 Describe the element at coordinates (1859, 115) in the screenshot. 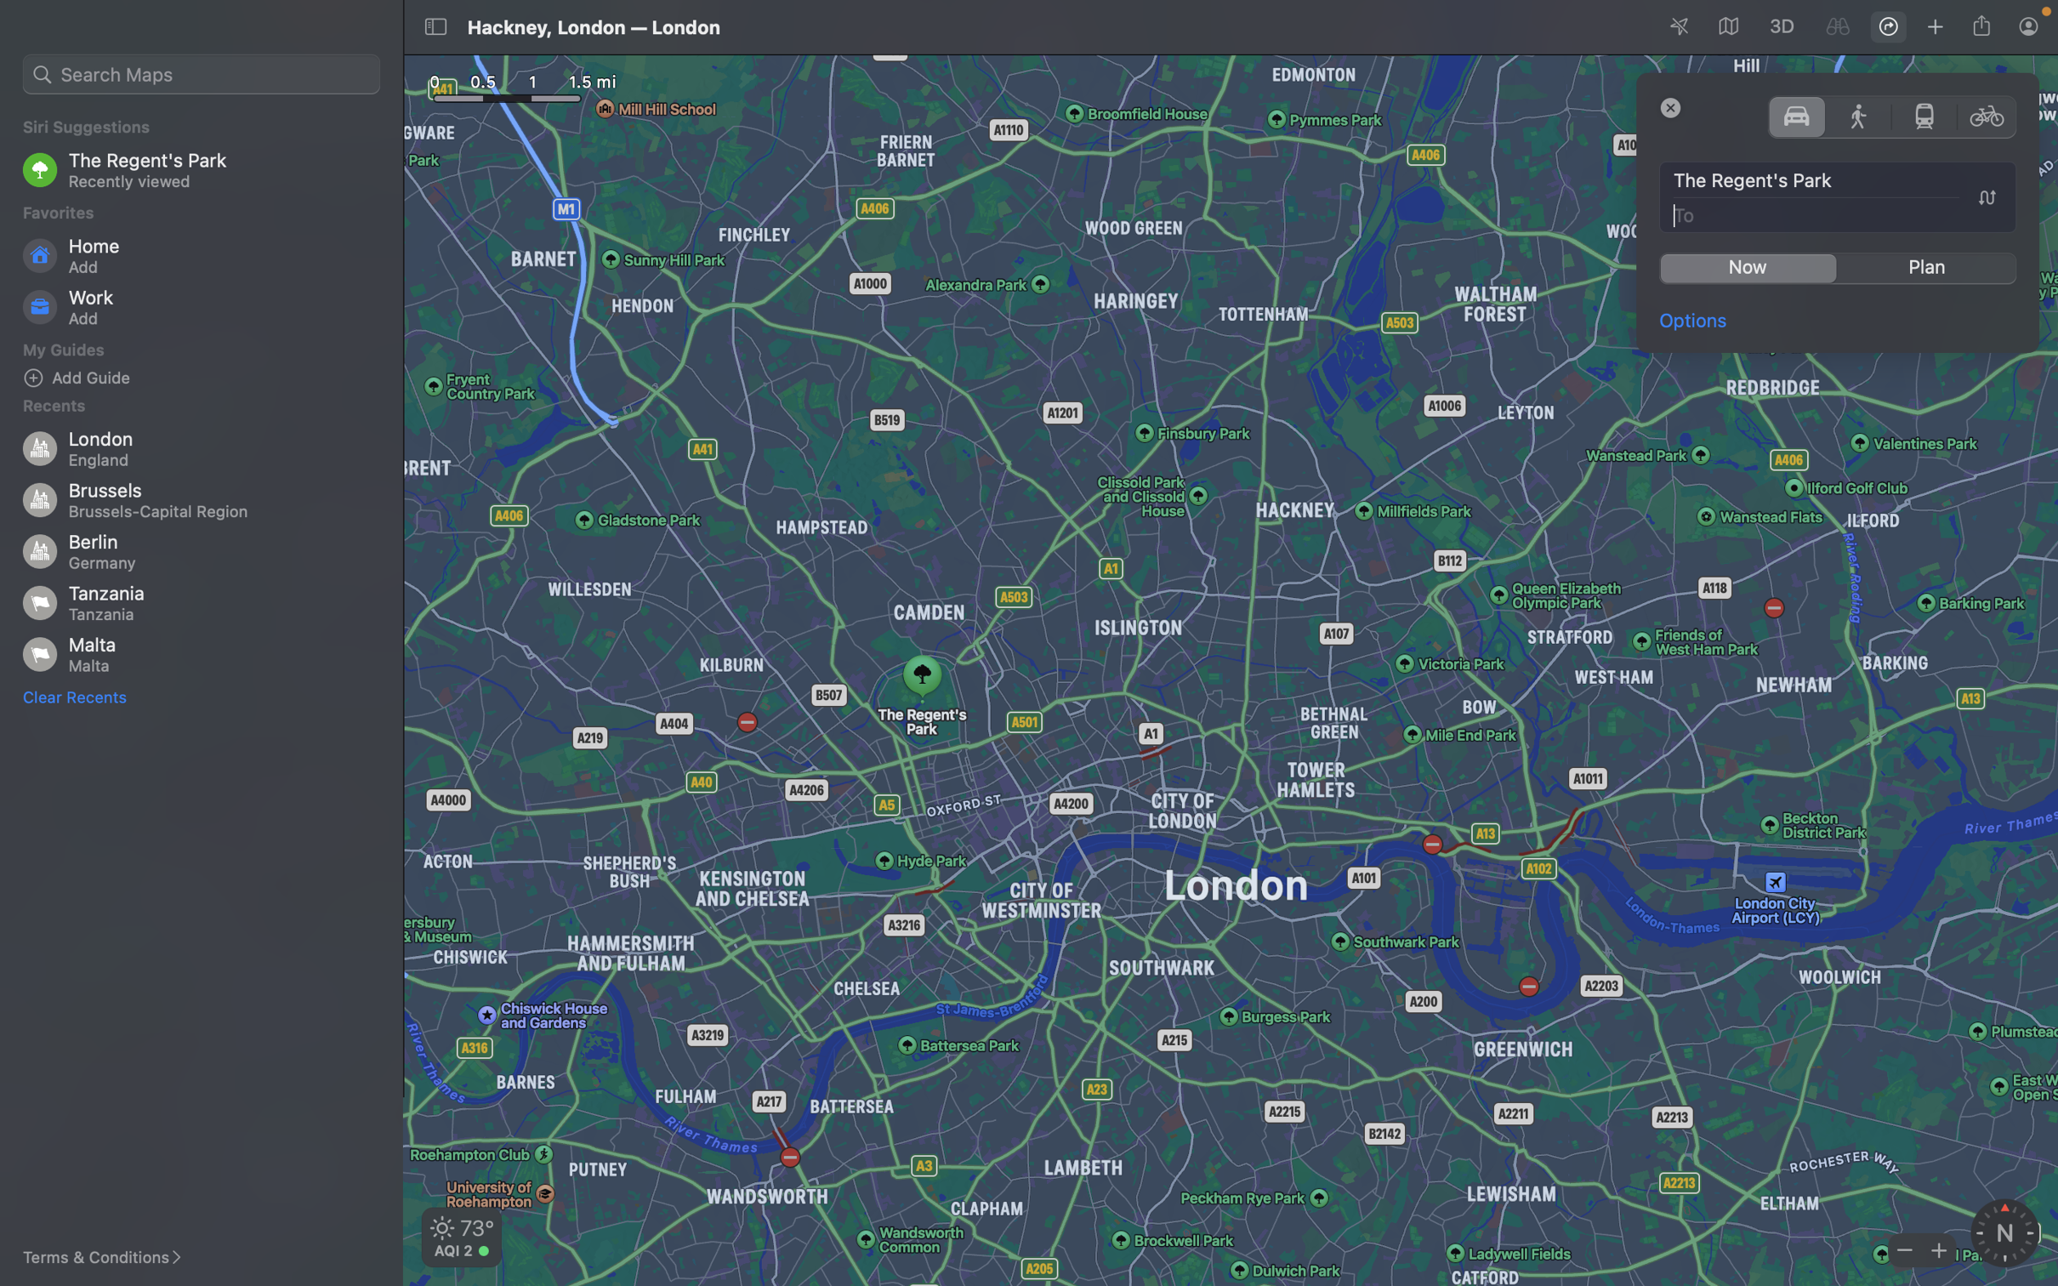

I see `walking as the method of transportation` at that location.